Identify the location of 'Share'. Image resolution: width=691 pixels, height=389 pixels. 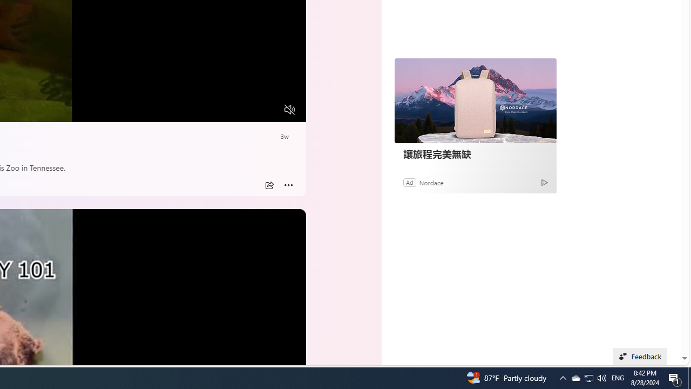
(269, 185).